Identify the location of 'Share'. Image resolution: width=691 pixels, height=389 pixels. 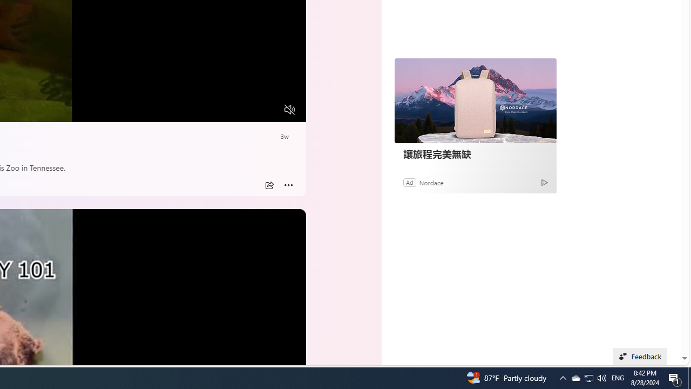
(269, 185).